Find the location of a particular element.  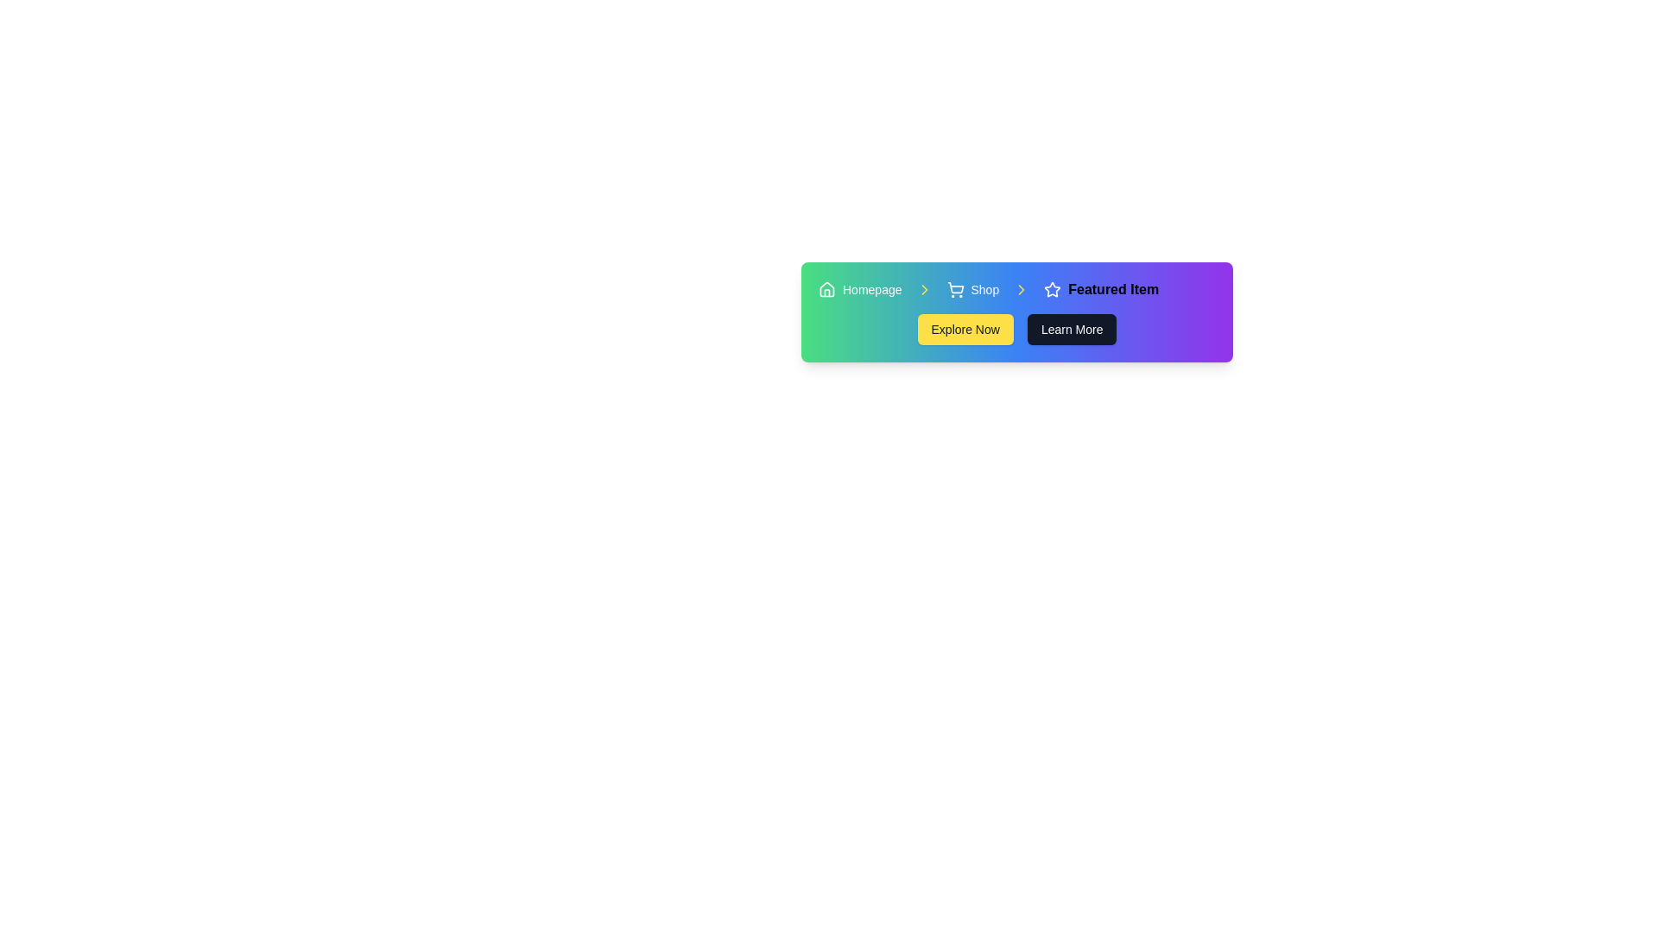

the 'Explore Now' button, which has rounded corners, a yellow background, and black text is located at coordinates (965, 329).